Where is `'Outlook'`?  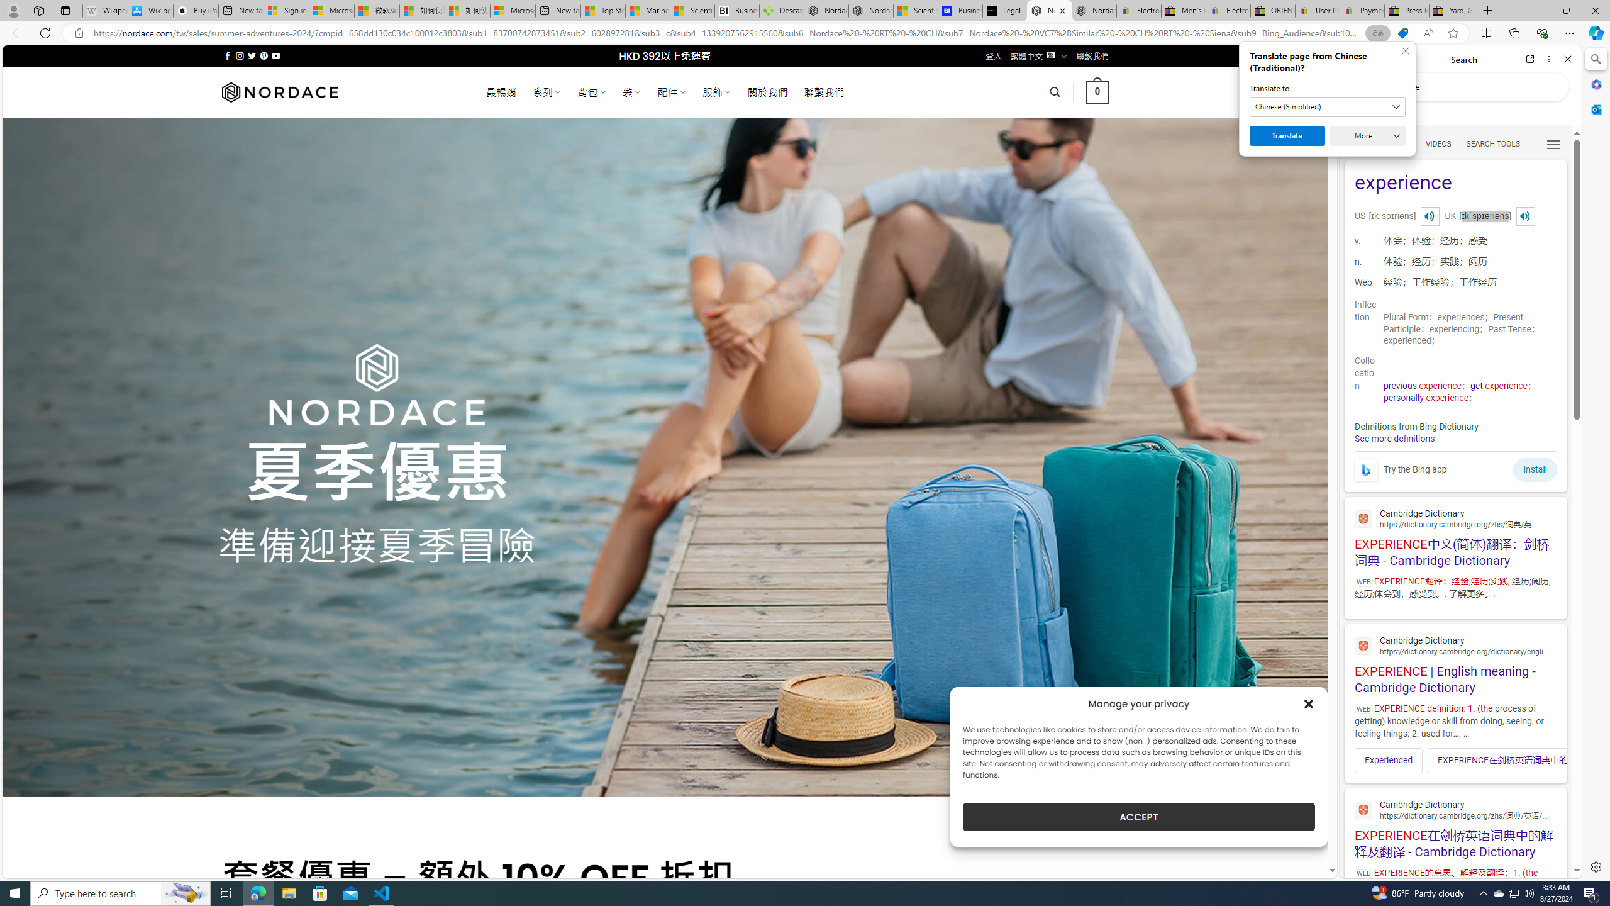 'Outlook' is located at coordinates (1594, 108).